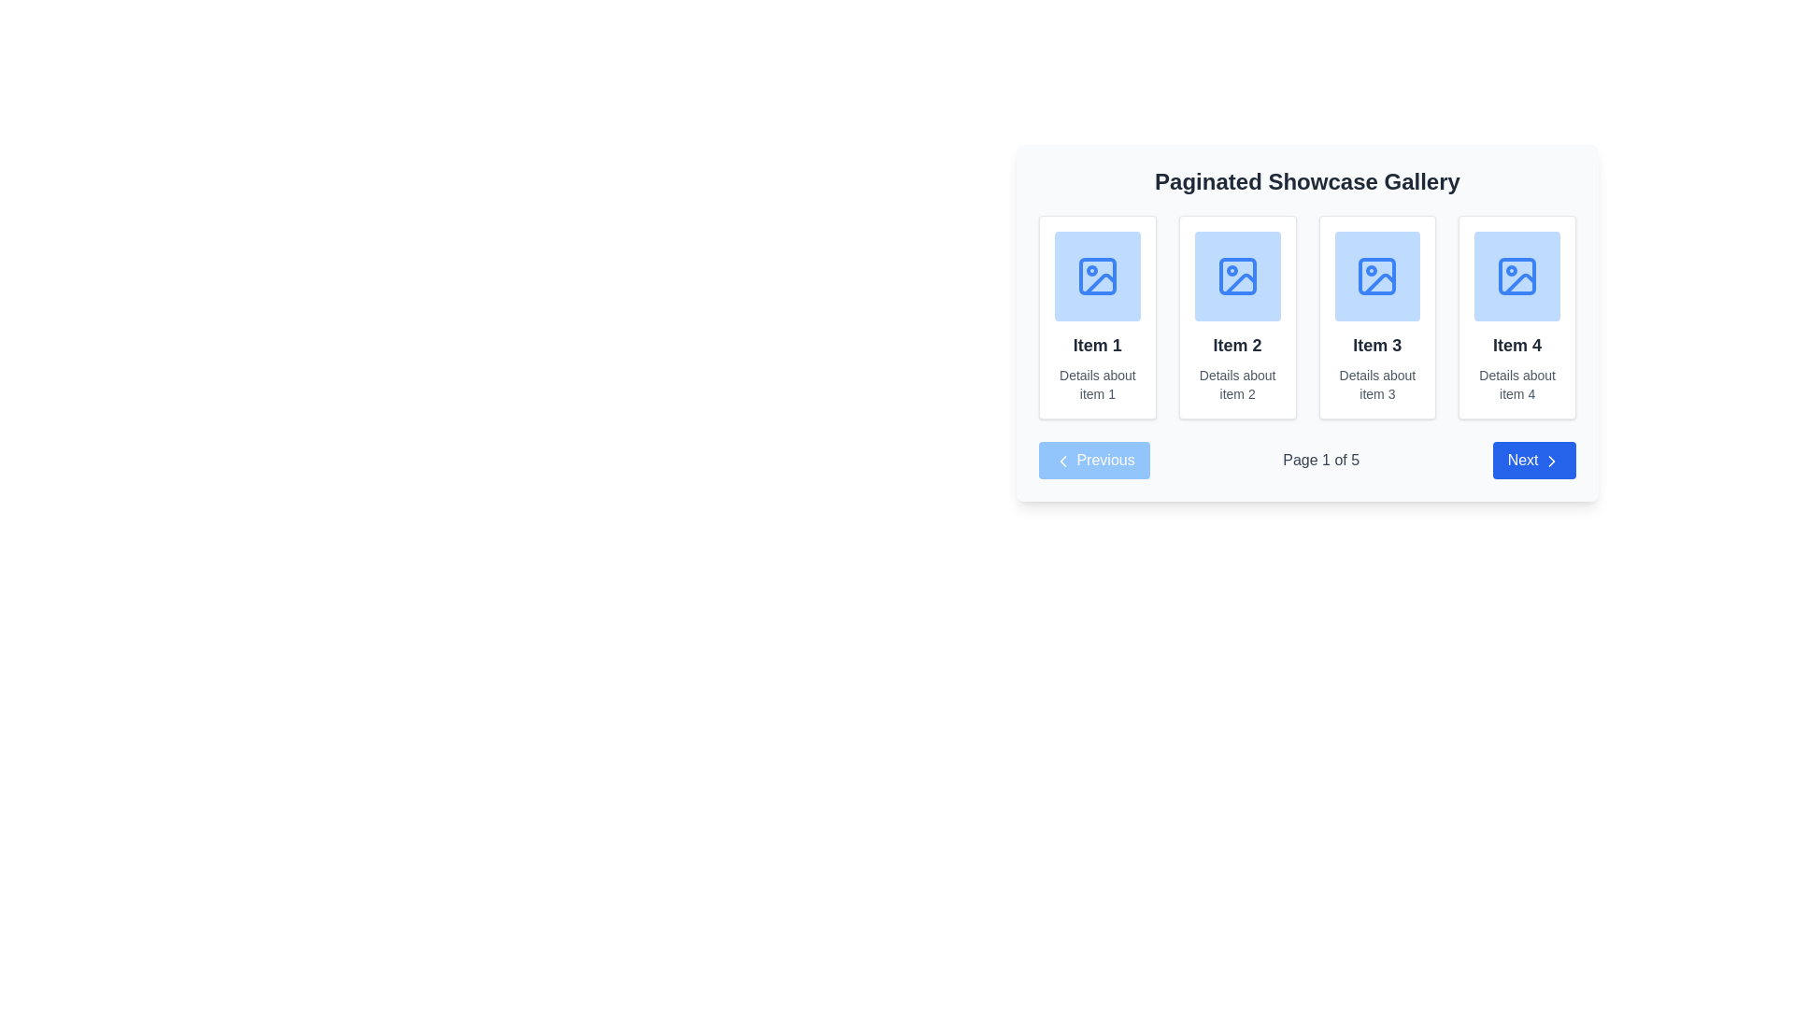  Describe the element at coordinates (1097, 277) in the screenshot. I see `the small rounded rectangle with a light background, which is centrally placed within the image icon representing an image placeholder, located in the first card labeled 'Item 1'` at that location.